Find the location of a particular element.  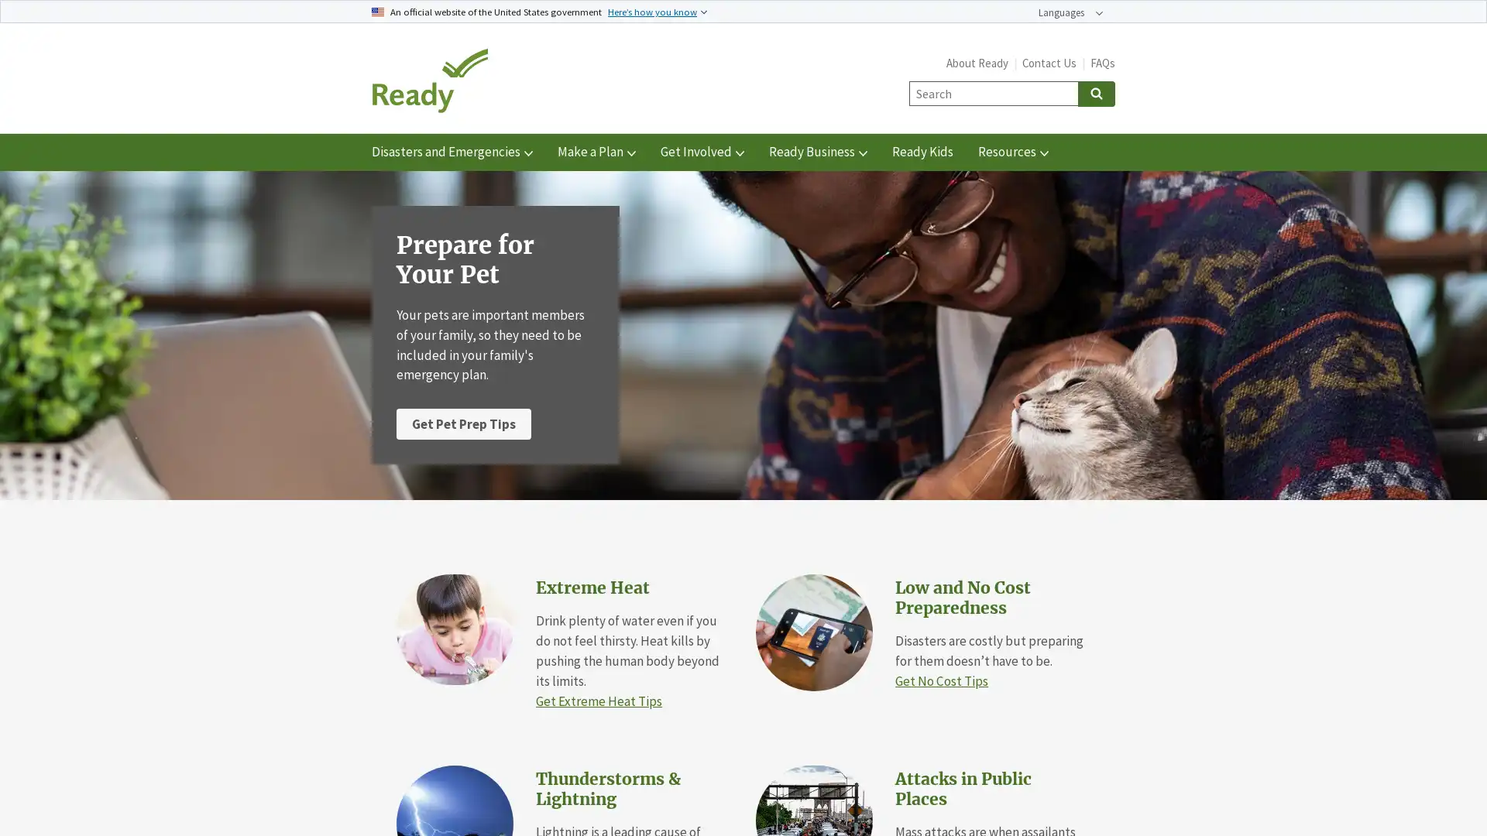

Heres how you know is located at coordinates (658, 11).